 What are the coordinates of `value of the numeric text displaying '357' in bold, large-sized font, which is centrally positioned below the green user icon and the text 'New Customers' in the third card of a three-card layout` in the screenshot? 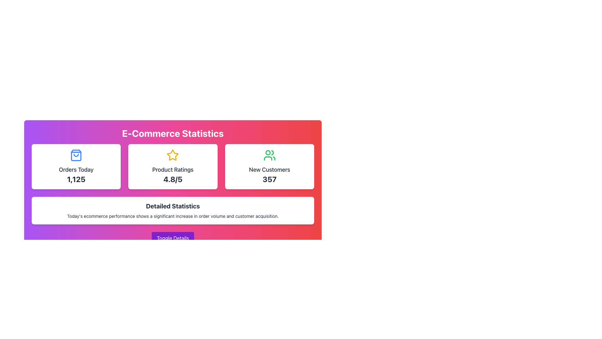 It's located at (269, 179).